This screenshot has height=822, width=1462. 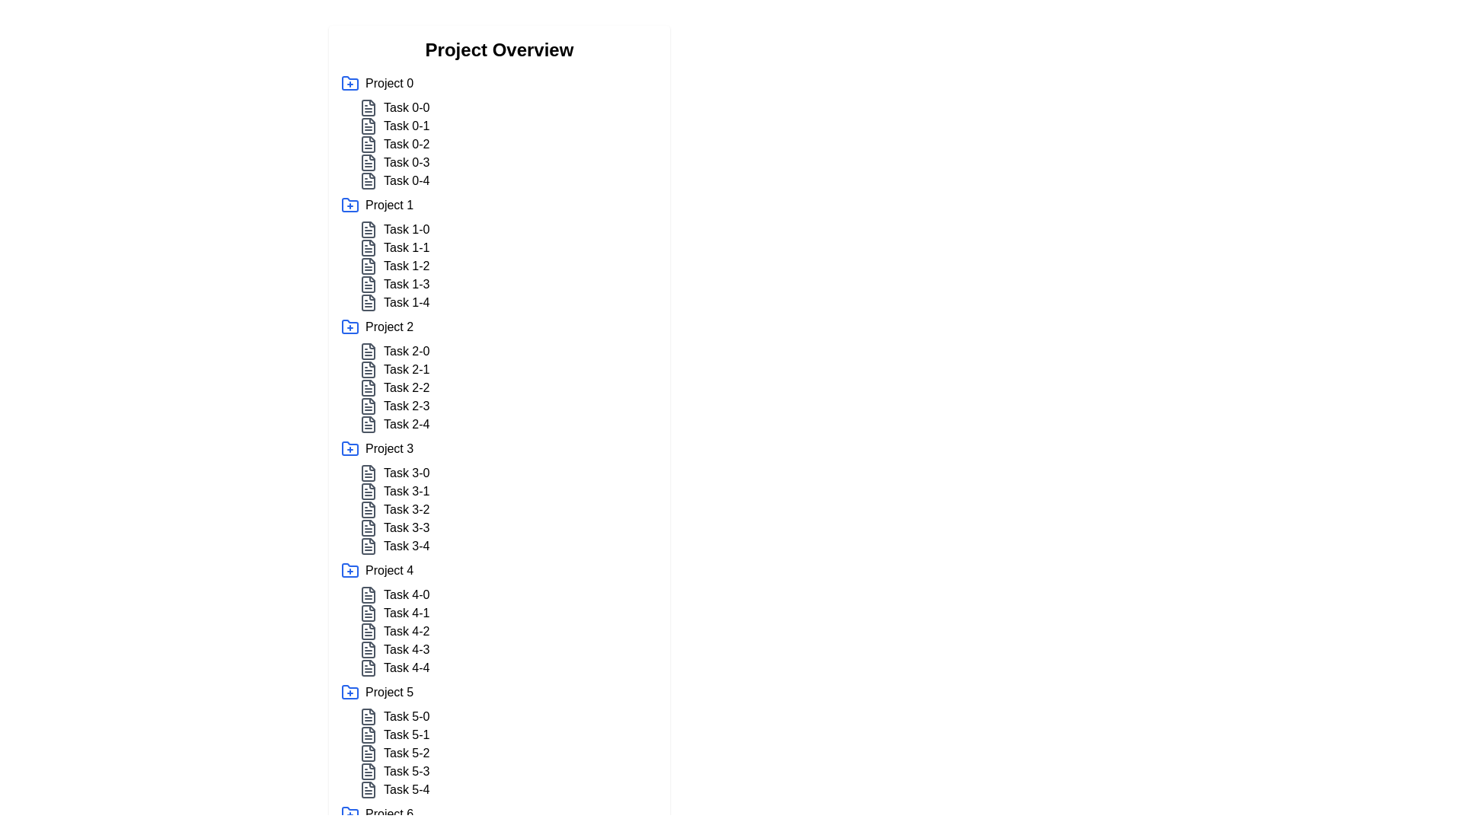 What do you see at coordinates (369, 649) in the screenshot?
I see `the file icon for 'Task 4-3' under 'Project 4'` at bounding box center [369, 649].